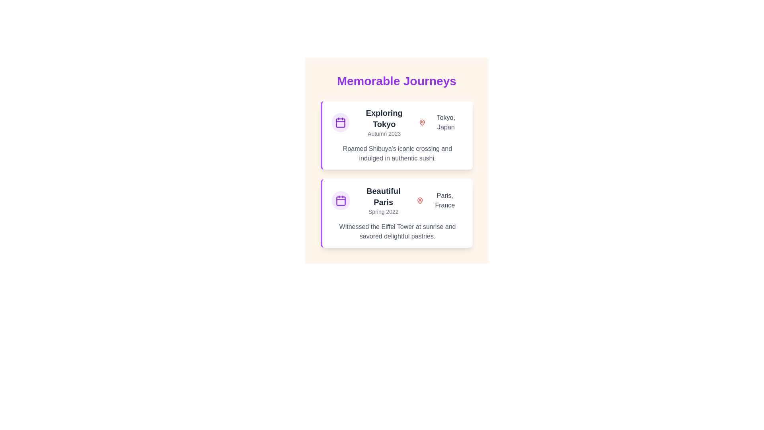 This screenshot has width=764, height=430. I want to click on the text label displaying 'Exploring Tokyo', styled in bold and large dark gray font, located near the top center of a rectangular card, so click(384, 118).